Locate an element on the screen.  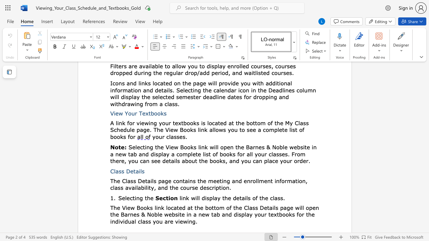
the 3th character "i" in the text is located at coordinates (205, 197).